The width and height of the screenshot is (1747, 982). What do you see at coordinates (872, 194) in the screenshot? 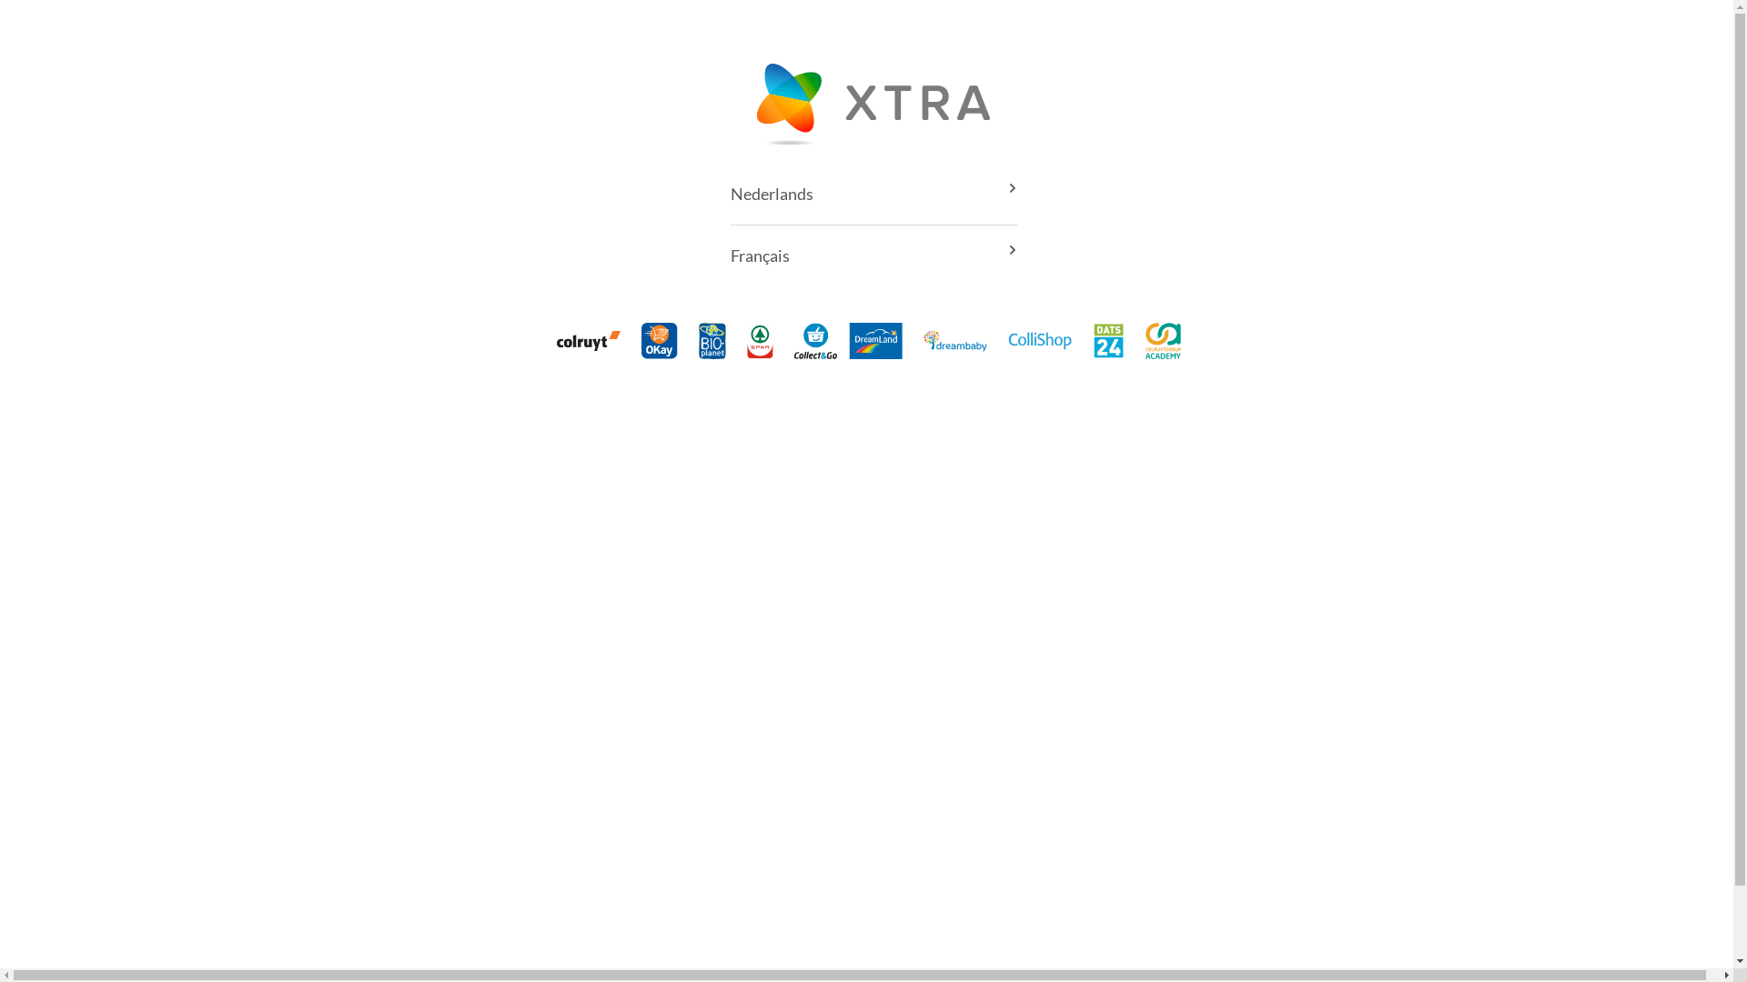
I see `'Nederlands'` at bounding box center [872, 194].